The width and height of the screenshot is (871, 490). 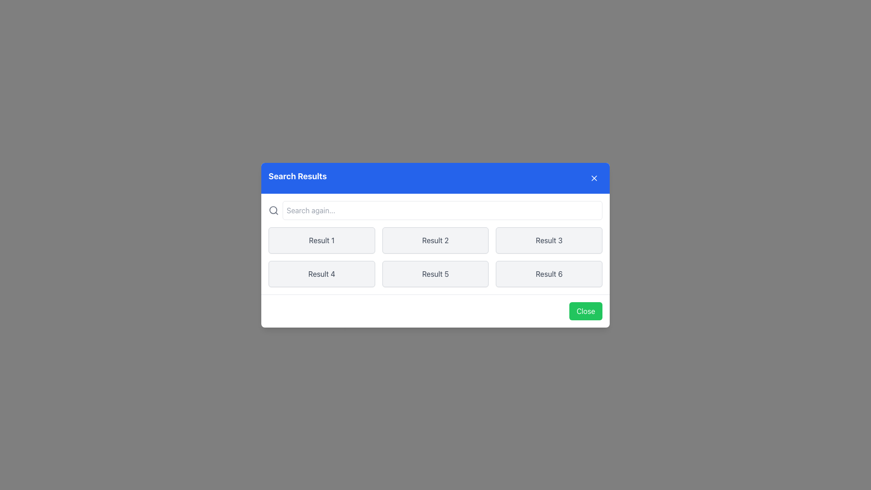 What do you see at coordinates (594, 178) in the screenshot?
I see `the close button located in the top-right corner of the blue header bar of the modal window` at bounding box center [594, 178].